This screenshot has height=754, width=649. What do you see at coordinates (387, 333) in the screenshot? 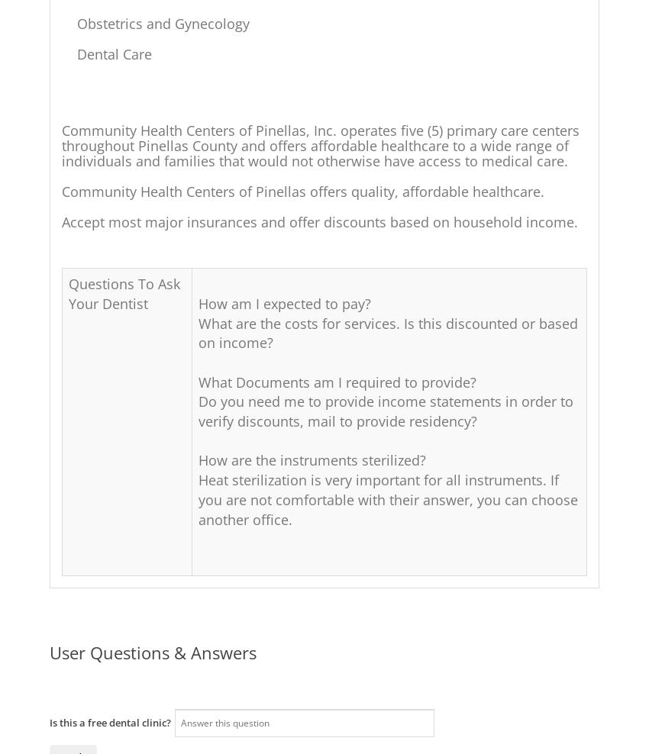
I see `'What are the costs for services. Is this discounted or based on income?'` at bounding box center [387, 333].